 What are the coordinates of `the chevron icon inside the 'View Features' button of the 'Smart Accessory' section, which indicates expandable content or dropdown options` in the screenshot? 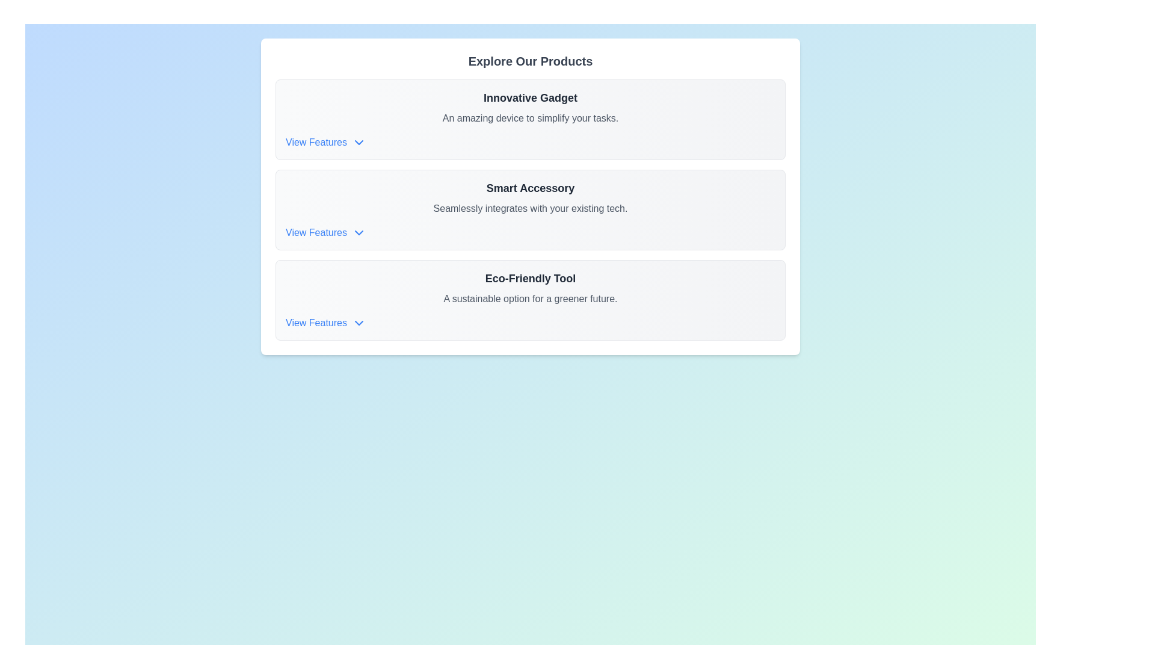 It's located at (358, 232).